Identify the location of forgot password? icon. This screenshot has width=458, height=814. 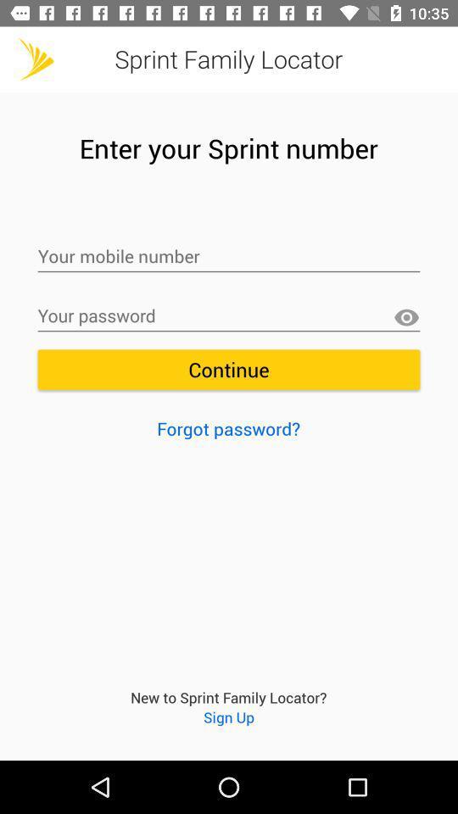
(228, 427).